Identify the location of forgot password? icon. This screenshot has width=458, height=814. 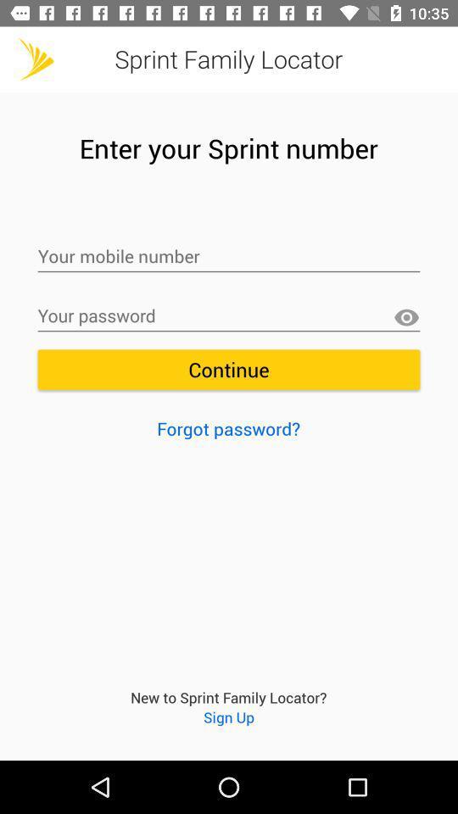
(228, 427).